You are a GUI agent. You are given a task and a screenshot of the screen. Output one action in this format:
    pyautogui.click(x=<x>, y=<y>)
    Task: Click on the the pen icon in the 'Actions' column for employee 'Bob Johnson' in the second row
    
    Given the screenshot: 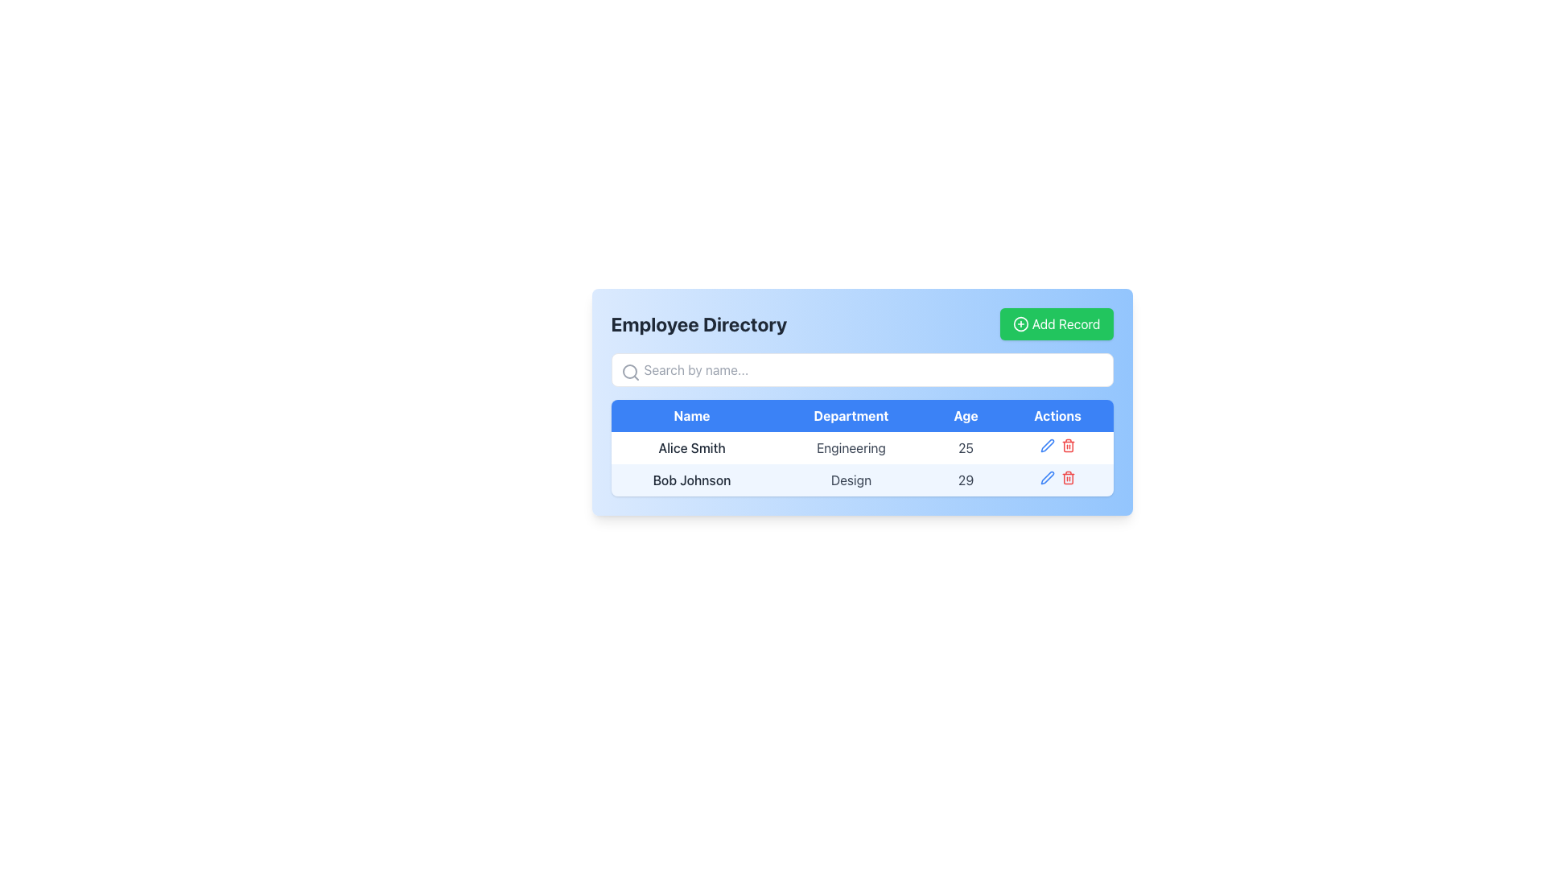 What is the action you would take?
    pyautogui.click(x=1047, y=446)
    